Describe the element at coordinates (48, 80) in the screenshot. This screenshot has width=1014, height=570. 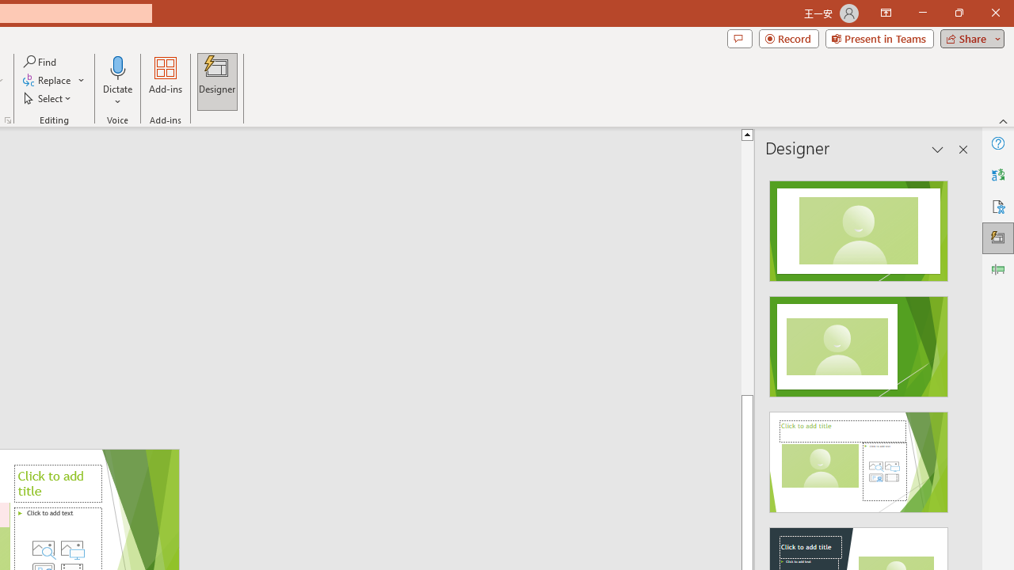
I see `'Replace...'` at that location.